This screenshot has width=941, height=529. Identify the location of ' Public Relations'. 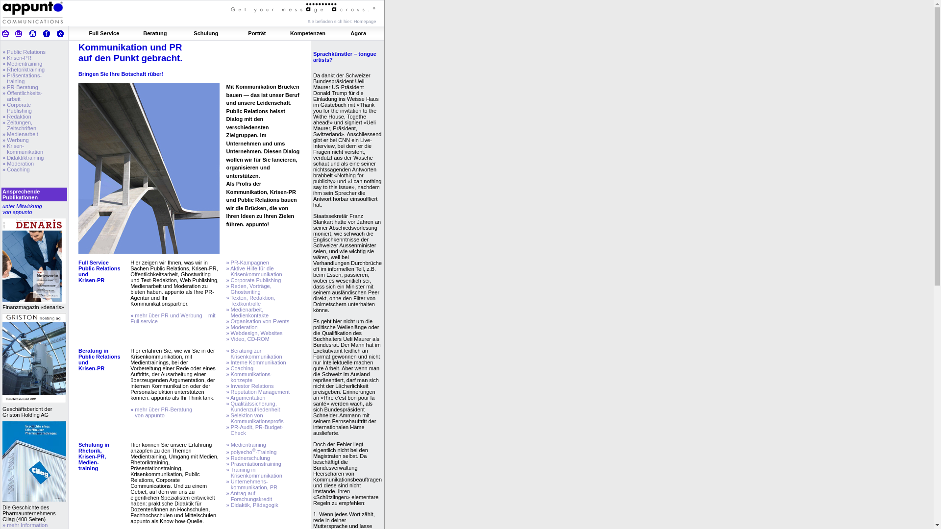
(5, 51).